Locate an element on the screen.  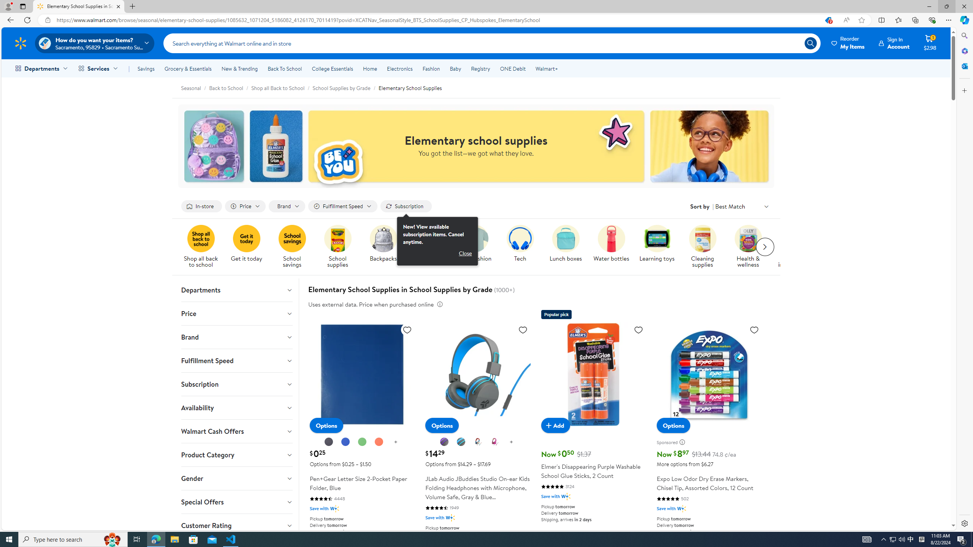
'Shop all back to school' is located at coordinates (203, 247).